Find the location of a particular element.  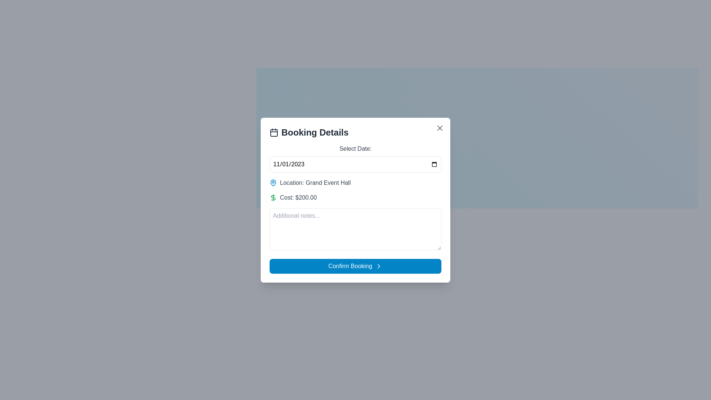

the Text Label that provides context for the date selection input field above the booking details form is located at coordinates (355, 149).